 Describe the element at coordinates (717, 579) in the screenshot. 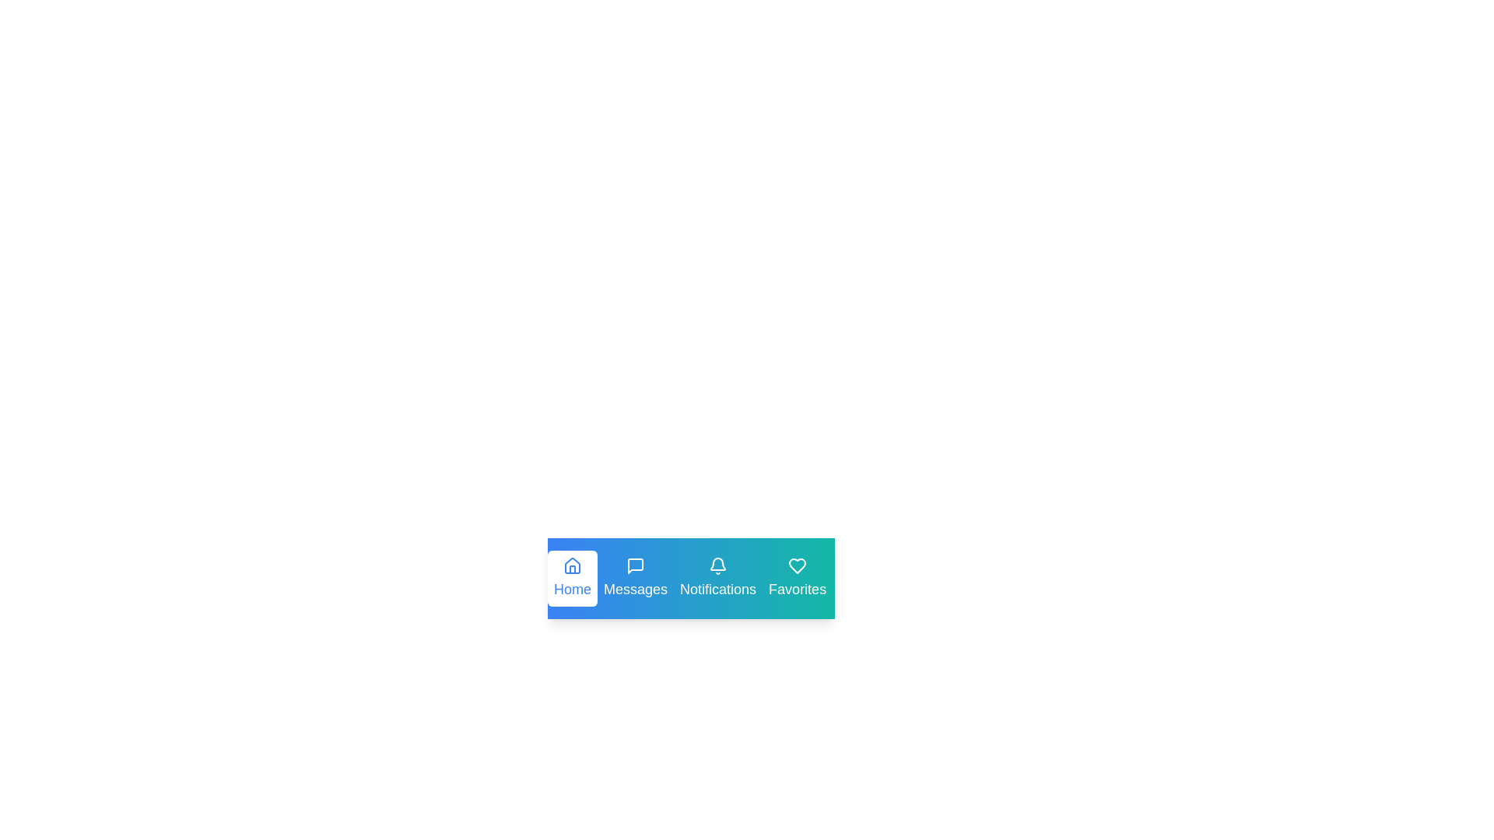

I see `the tab labeled Notifications to preview its interaction` at that location.